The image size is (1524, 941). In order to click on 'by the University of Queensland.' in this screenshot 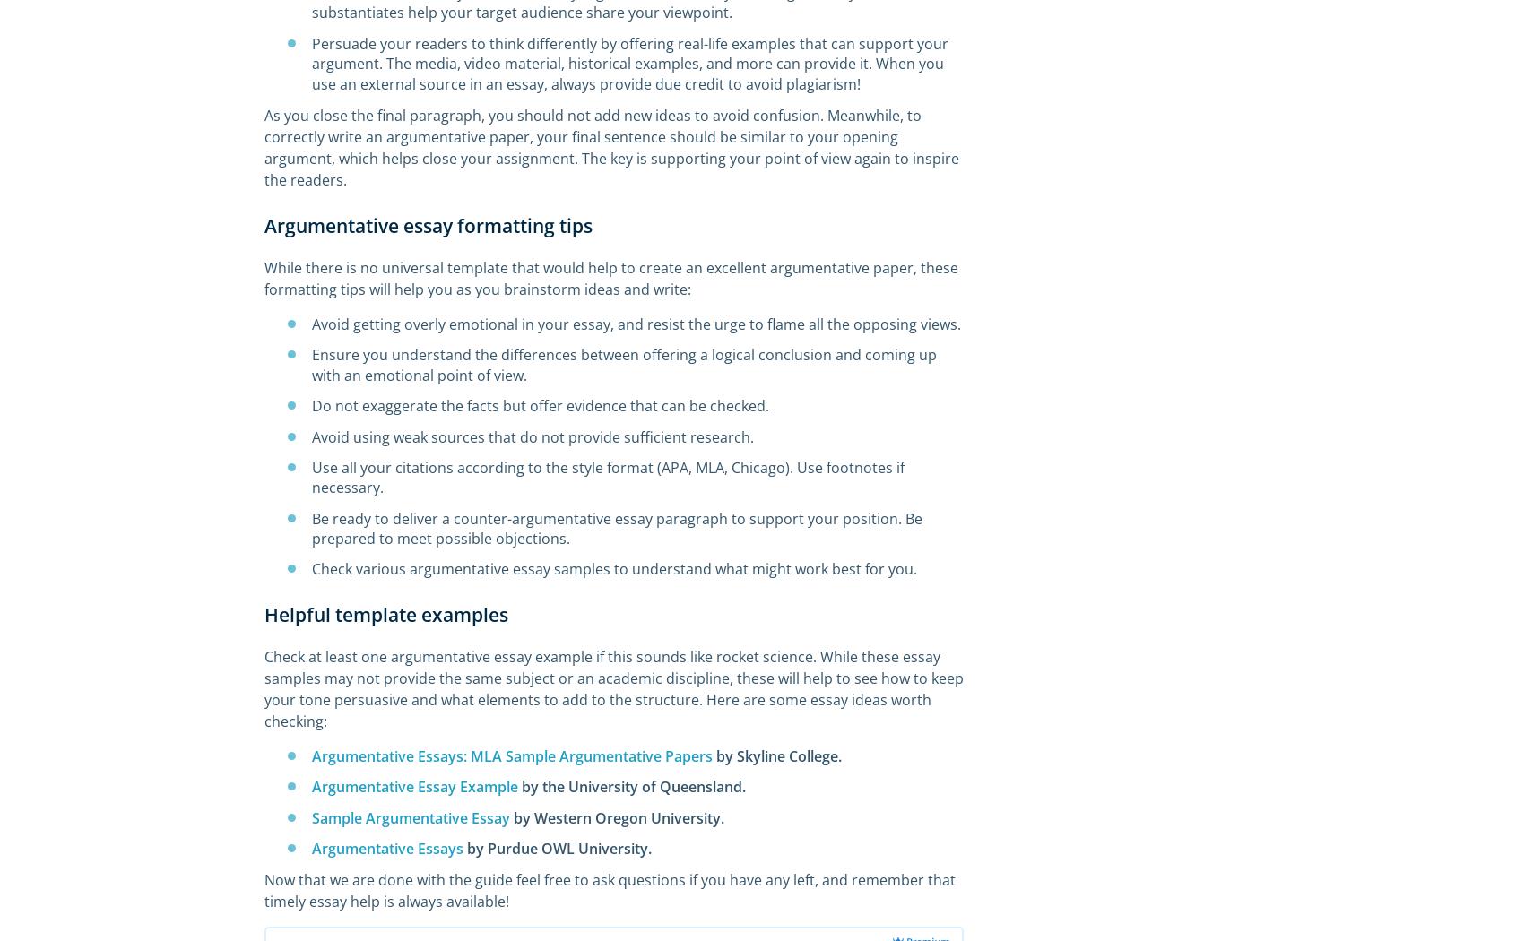, I will do `click(634, 786)`.